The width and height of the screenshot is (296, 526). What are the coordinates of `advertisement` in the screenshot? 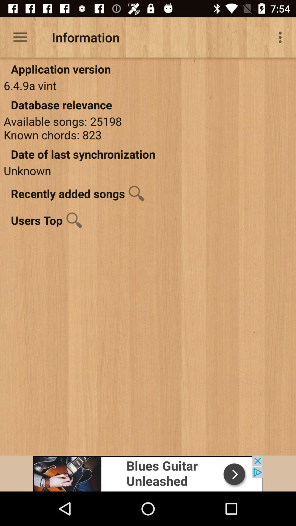 It's located at (148, 473).